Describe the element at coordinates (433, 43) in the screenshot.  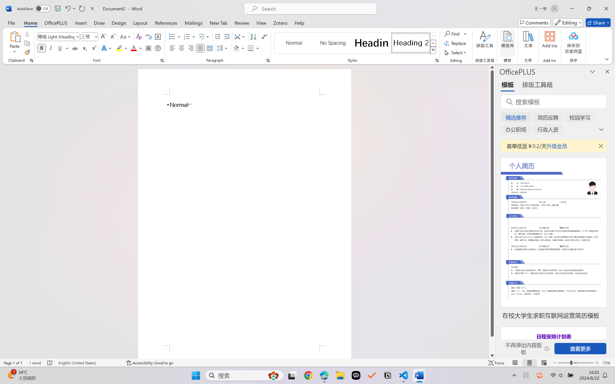
I see `'Row Down'` at that location.